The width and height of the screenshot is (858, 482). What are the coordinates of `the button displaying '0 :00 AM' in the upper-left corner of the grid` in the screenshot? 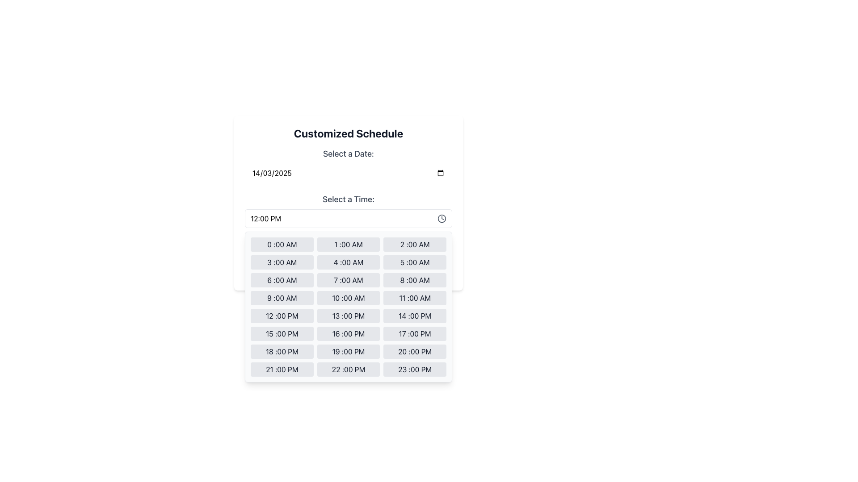 It's located at (282, 244).